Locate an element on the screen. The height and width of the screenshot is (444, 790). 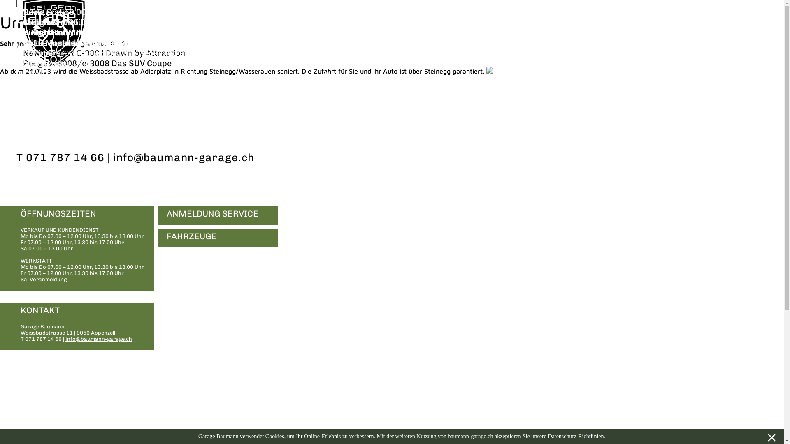
'Peugeot 3008/e-3008 Das SUV Coupe' is located at coordinates (97, 63).